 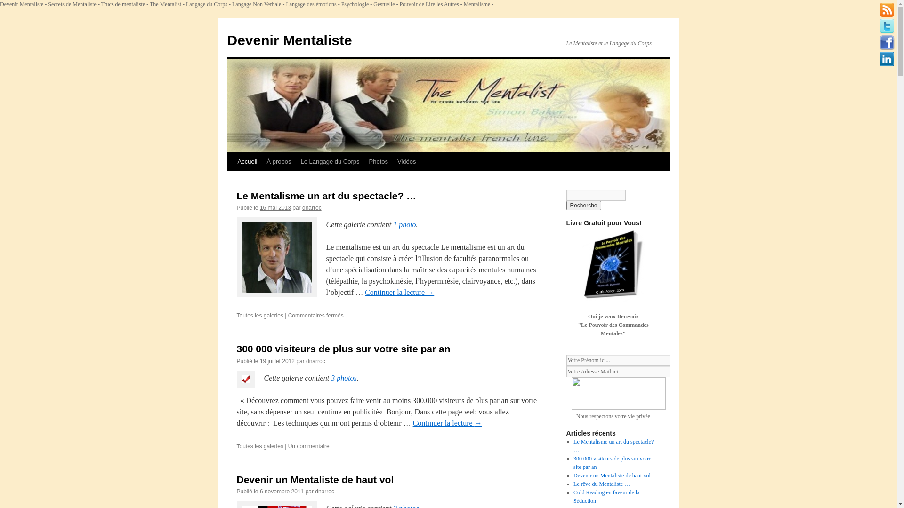 I want to click on 'Tweeter button', so click(x=886, y=26).